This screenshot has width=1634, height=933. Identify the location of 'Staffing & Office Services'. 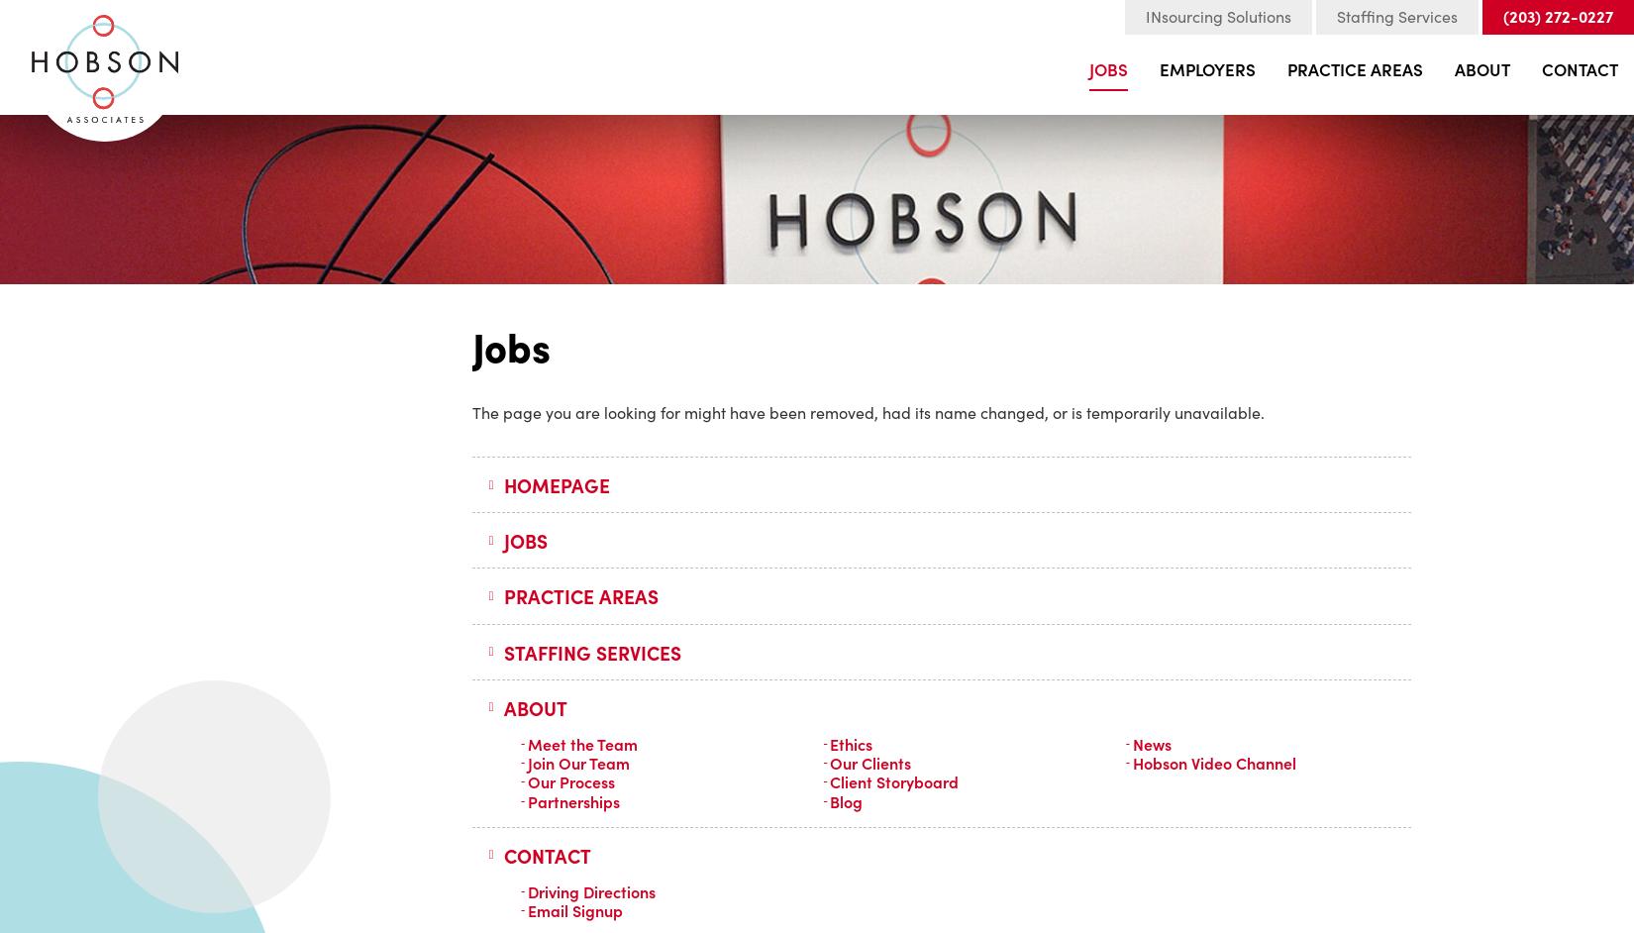
(1369, 302).